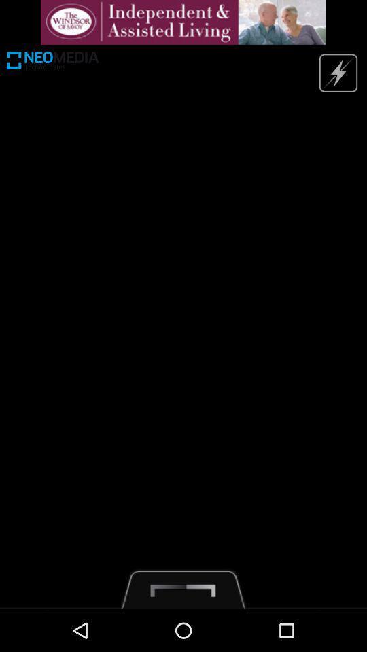 The height and width of the screenshot is (652, 367). Describe the element at coordinates (183, 21) in the screenshot. I see `advertisement bar` at that location.